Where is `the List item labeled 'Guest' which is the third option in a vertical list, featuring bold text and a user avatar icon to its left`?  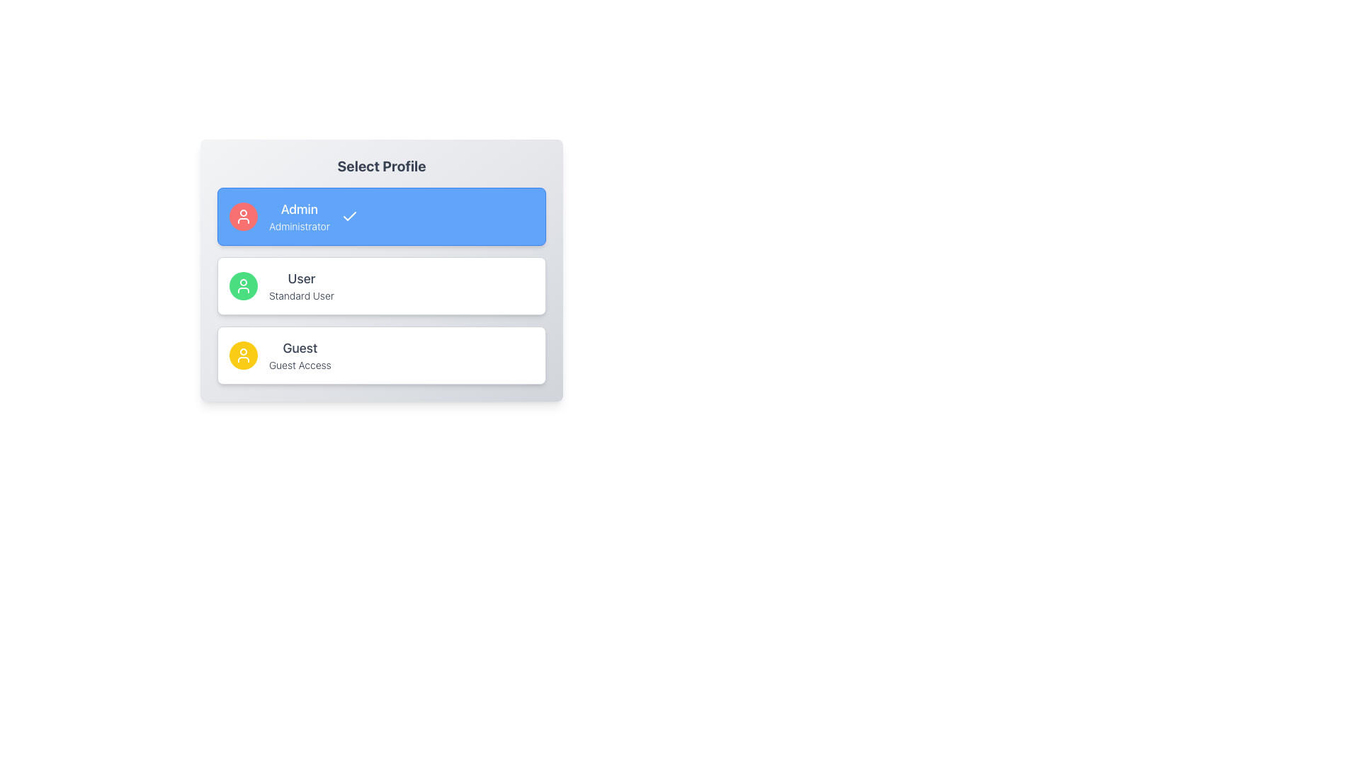 the List item labeled 'Guest' which is the third option in a vertical list, featuring bold text and a user avatar icon to its left is located at coordinates (299, 354).